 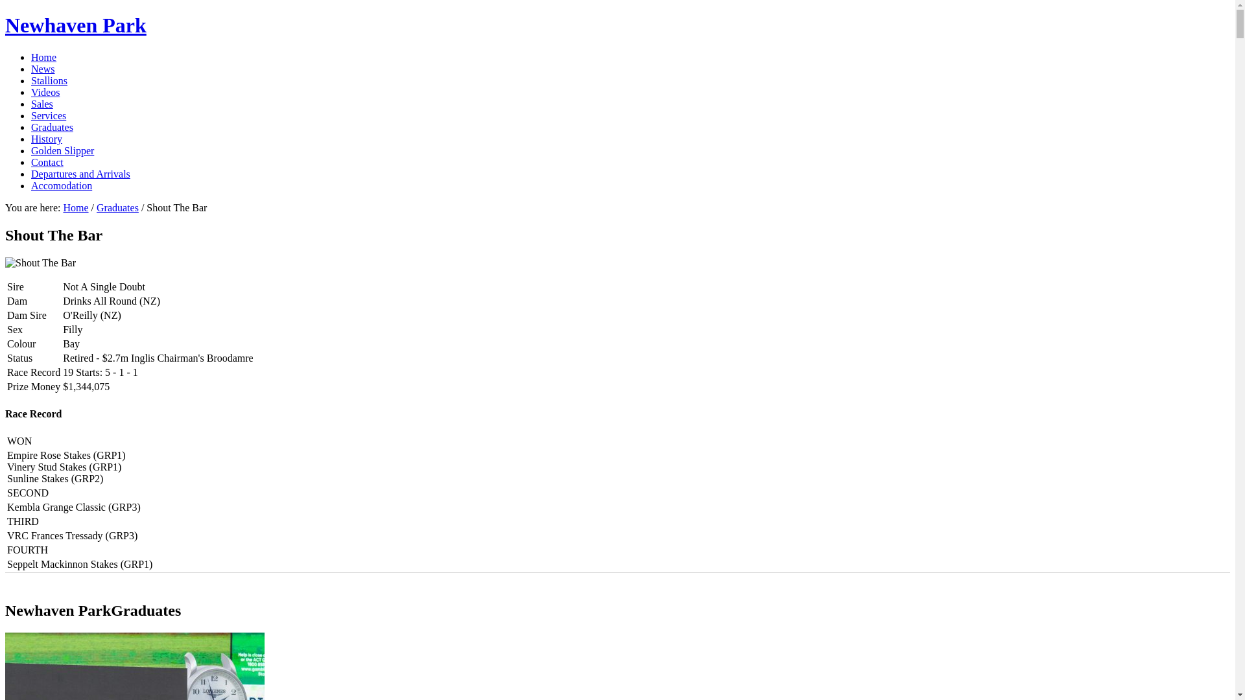 I want to click on 'News', so click(x=43, y=69).